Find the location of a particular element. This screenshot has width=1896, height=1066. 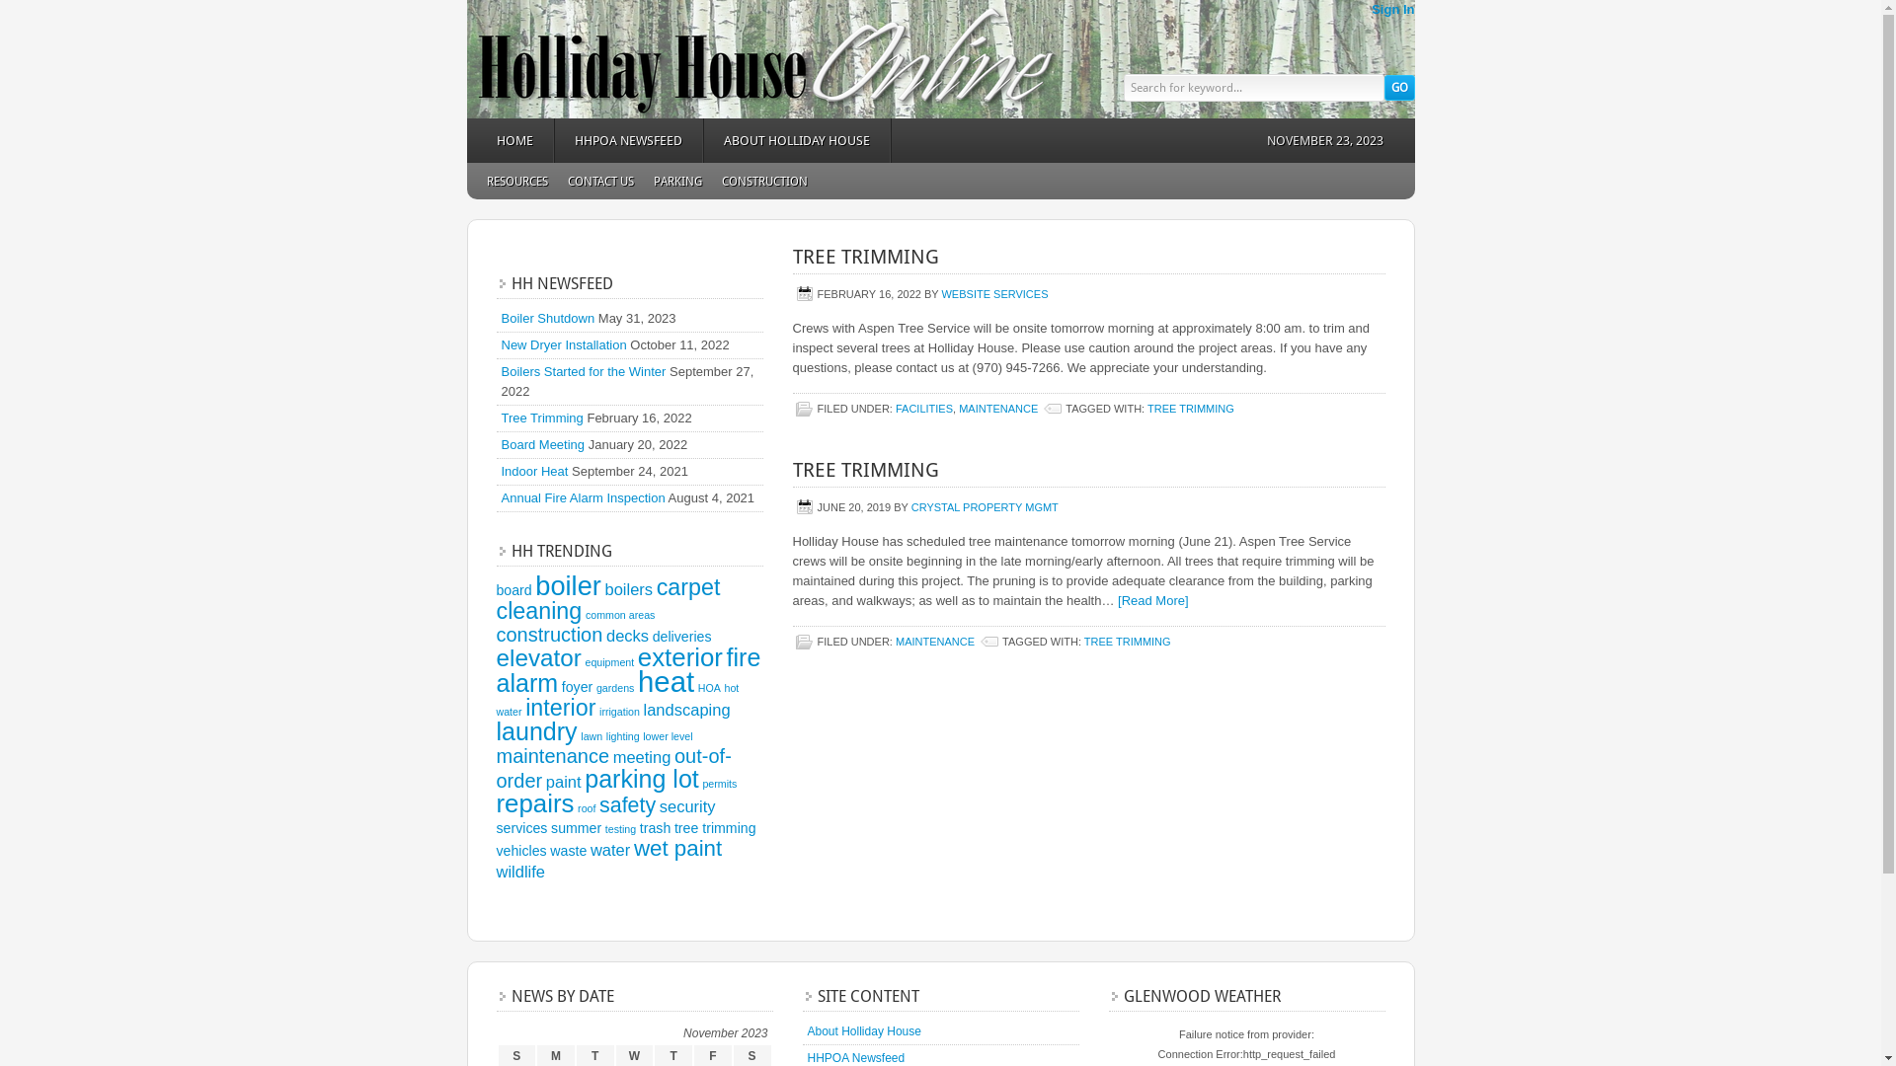

'maintenance' is located at coordinates (496, 755).